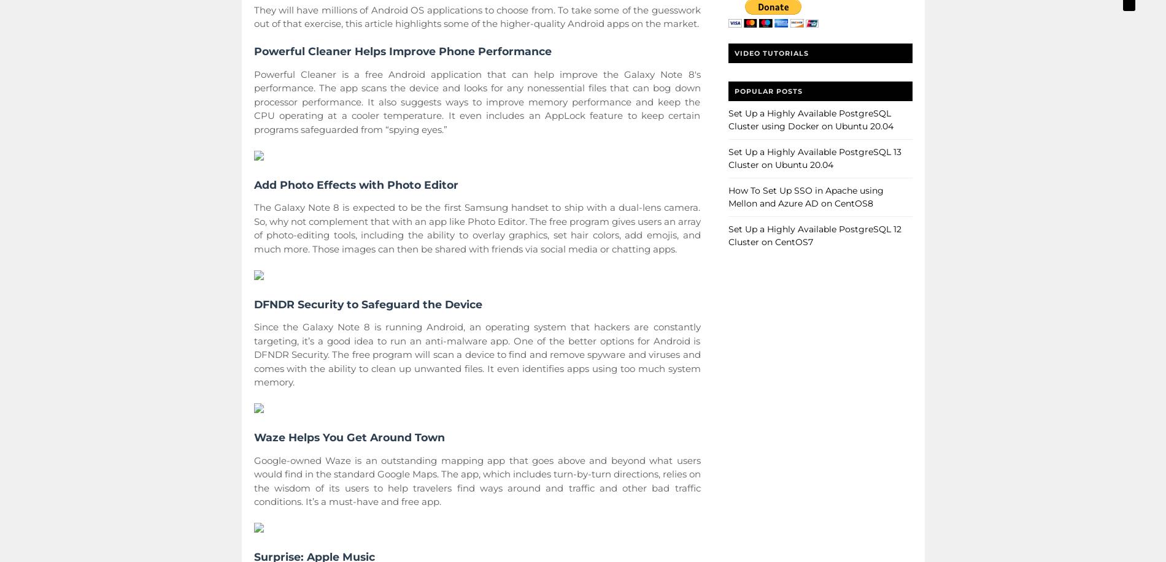 The height and width of the screenshot is (562, 1166). What do you see at coordinates (476, 354) in the screenshot?
I see `'Since the Galaxy Note 8 is running Android, an operating system that hackers are constantly targeting, it’s a good idea to run an anti-malware app. One of the better options for Android is DFNDR Security. The free program will scan a device to find and remove spyware and viruses and comes with the ability to clean up unwanted files. It even identifies apps using too much system memory.'` at bounding box center [476, 354].